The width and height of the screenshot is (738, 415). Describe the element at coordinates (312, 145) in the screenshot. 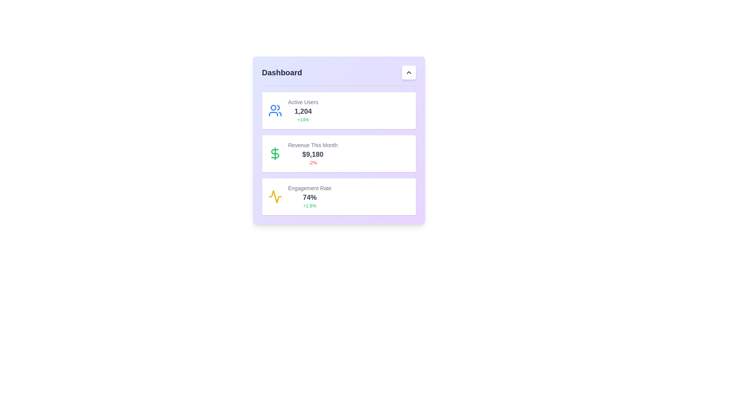

I see `the static text label displaying 'Revenue This Month', which is a muted gray colored label positioned at the top of the financial metrics box in the second card of the dashboard` at that location.